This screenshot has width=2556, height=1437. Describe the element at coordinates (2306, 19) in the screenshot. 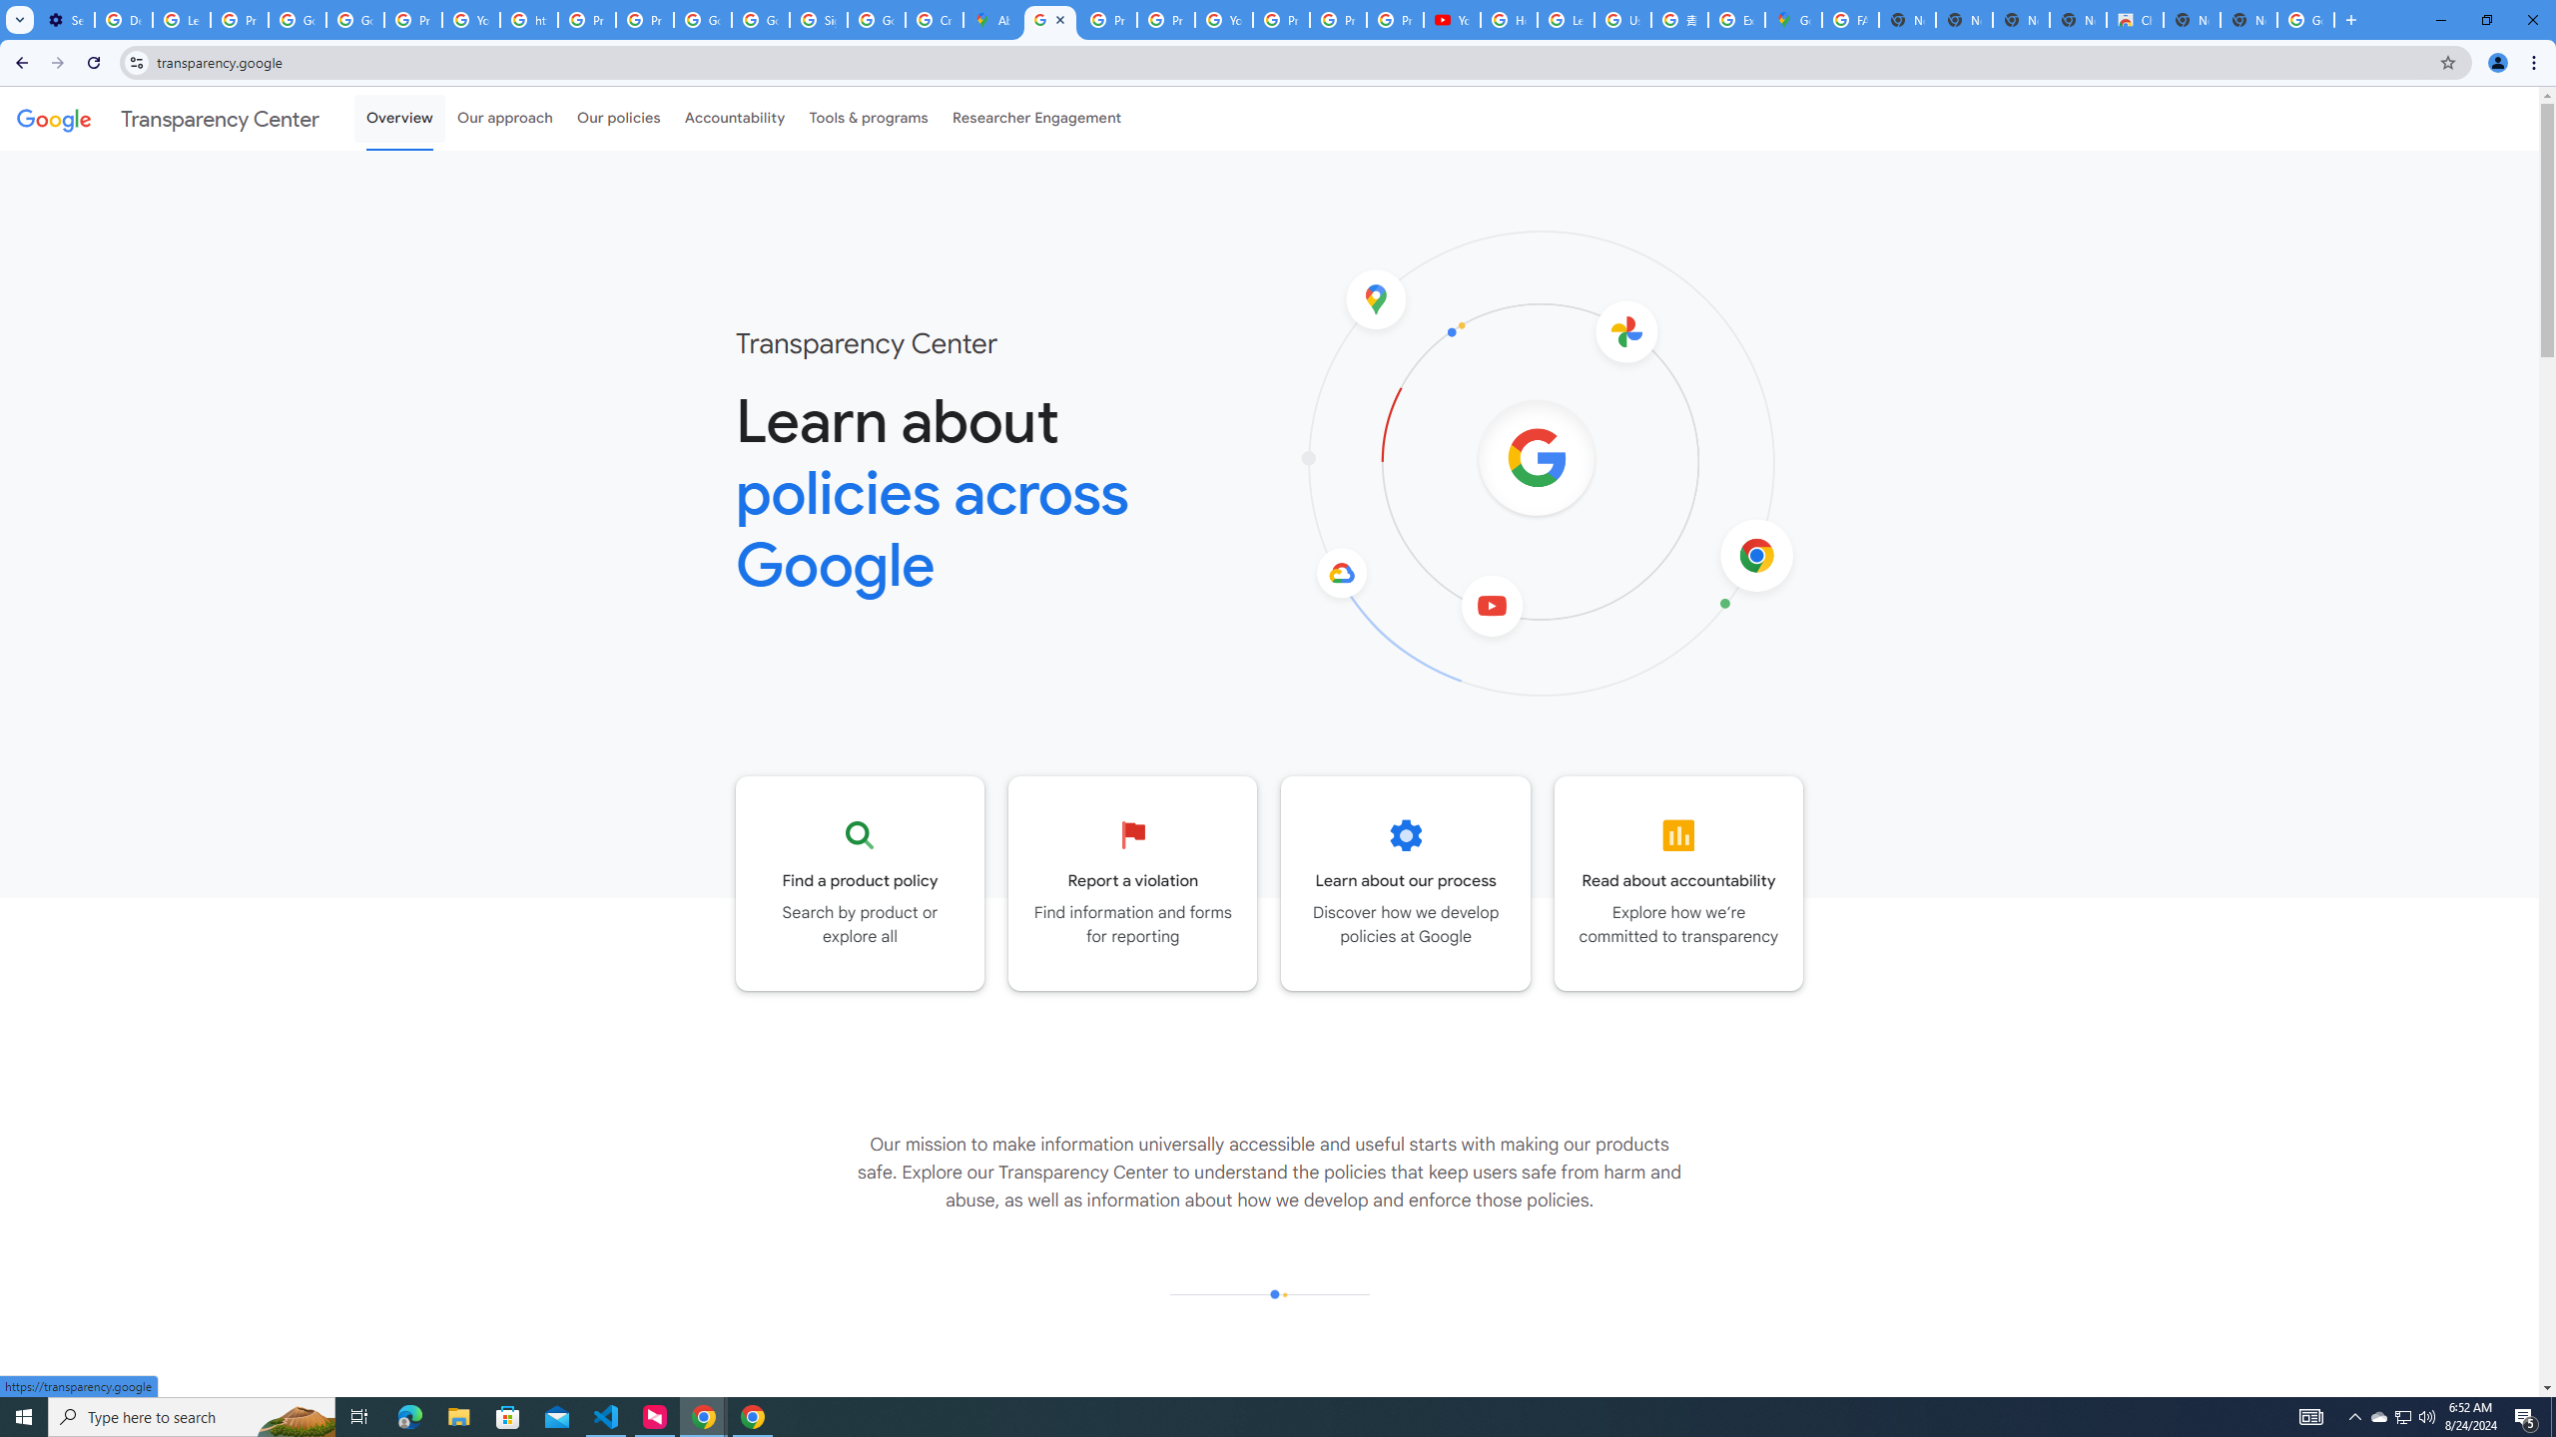

I see `'Google Images'` at that location.